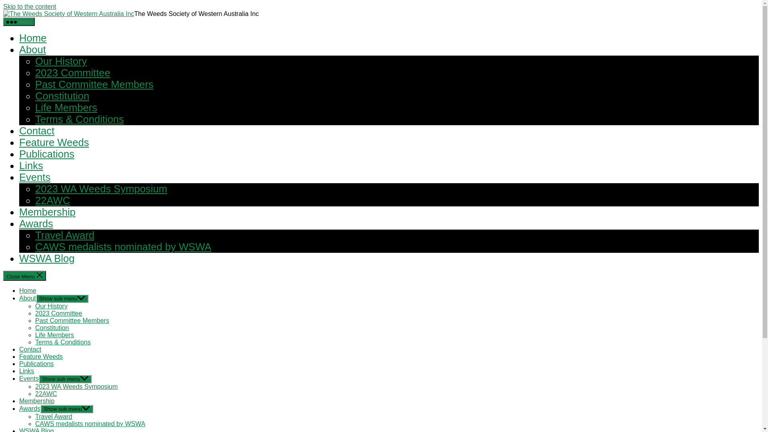  Describe the element at coordinates (58, 313) in the screenshot. I see `'2023 Committee'` at that location.